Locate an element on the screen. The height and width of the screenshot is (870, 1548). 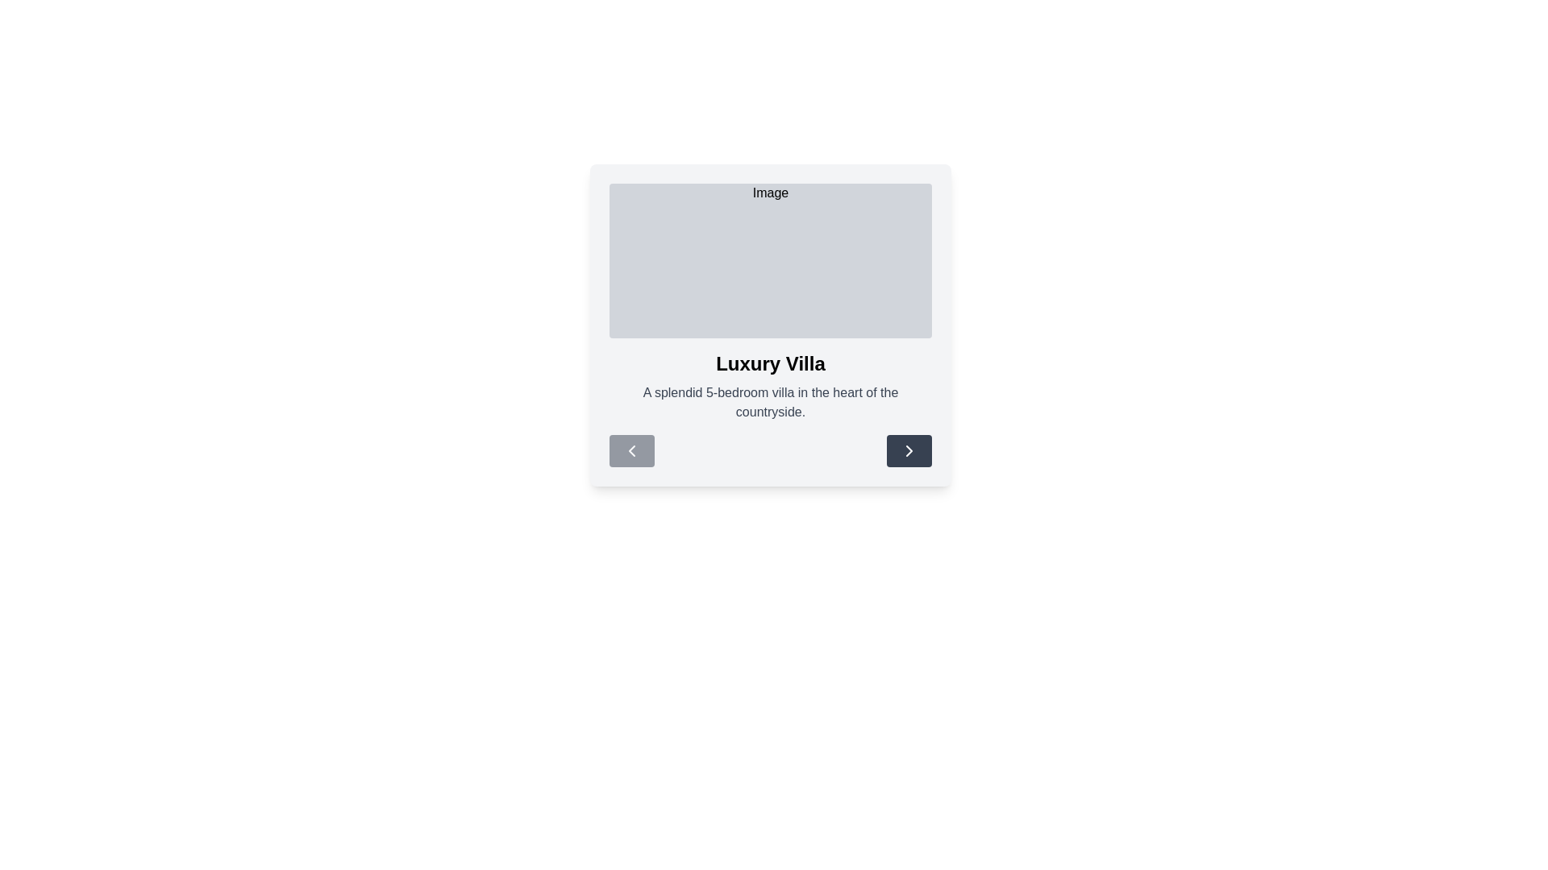
the first button on the left, which serves as a navigation control to move to the previous item or page is located at coordinates (630, 450).